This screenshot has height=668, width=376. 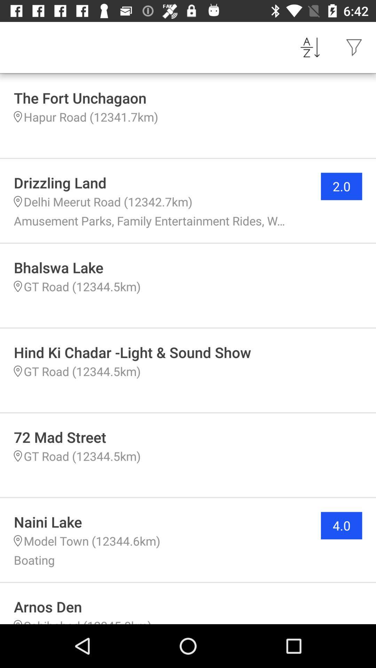 What do you see at coordinates (310, 47) in the screenshot?
I see `the button on left to the top right corner button on the web page` at bounding box center [310, 47].